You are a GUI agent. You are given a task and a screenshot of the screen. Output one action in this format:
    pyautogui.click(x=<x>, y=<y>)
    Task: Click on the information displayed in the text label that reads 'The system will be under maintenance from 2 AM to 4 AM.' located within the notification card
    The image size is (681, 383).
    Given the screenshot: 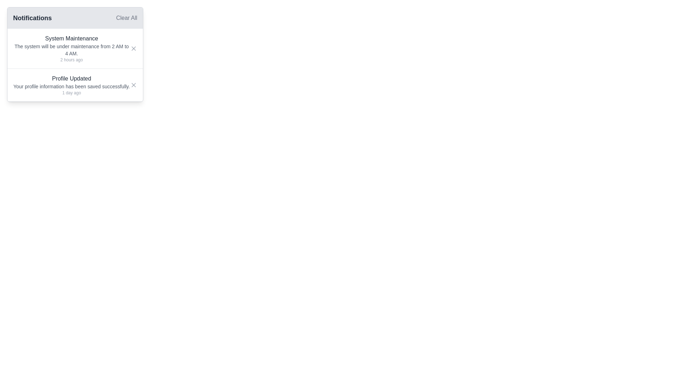 What is the action you would take?
    pyautogui.click(x=71, y=50)
    